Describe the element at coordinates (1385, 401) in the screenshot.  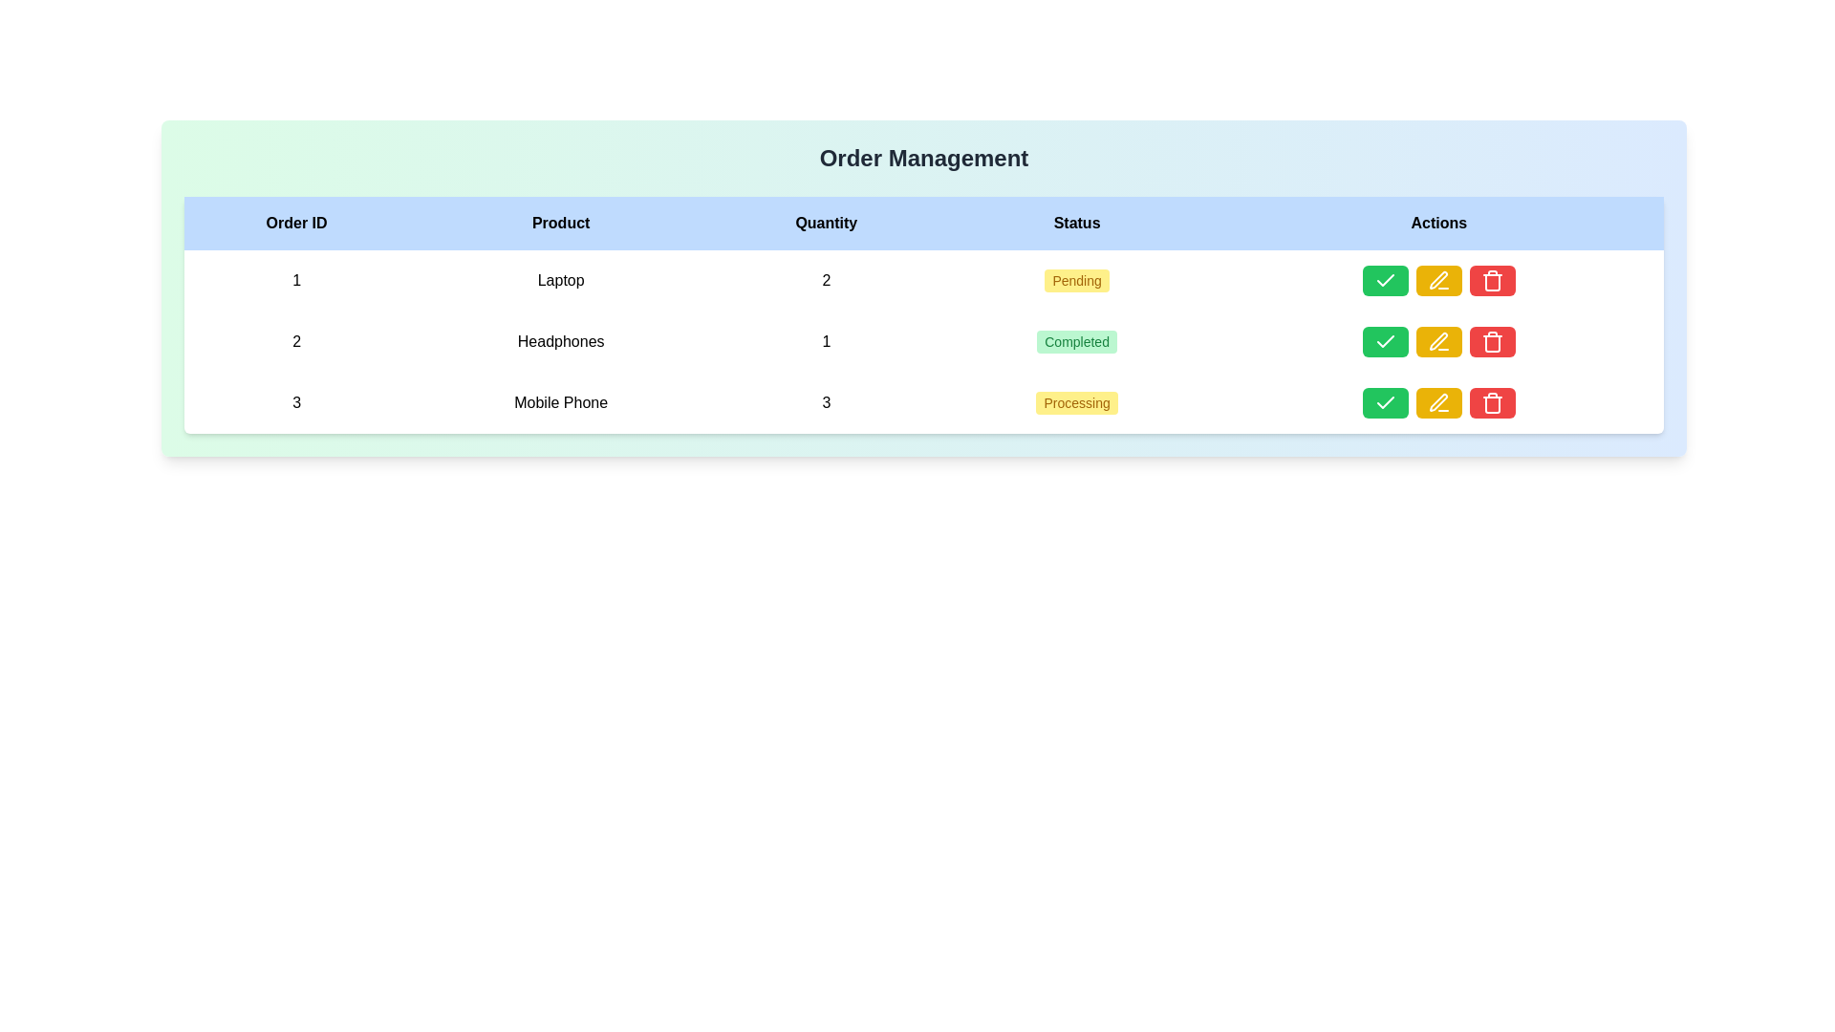
I see `the green confirmation button with a checkmark icon, located in the first position of the 'Actions' column in the third row of the data table, to confirm or complete the action` at that location.